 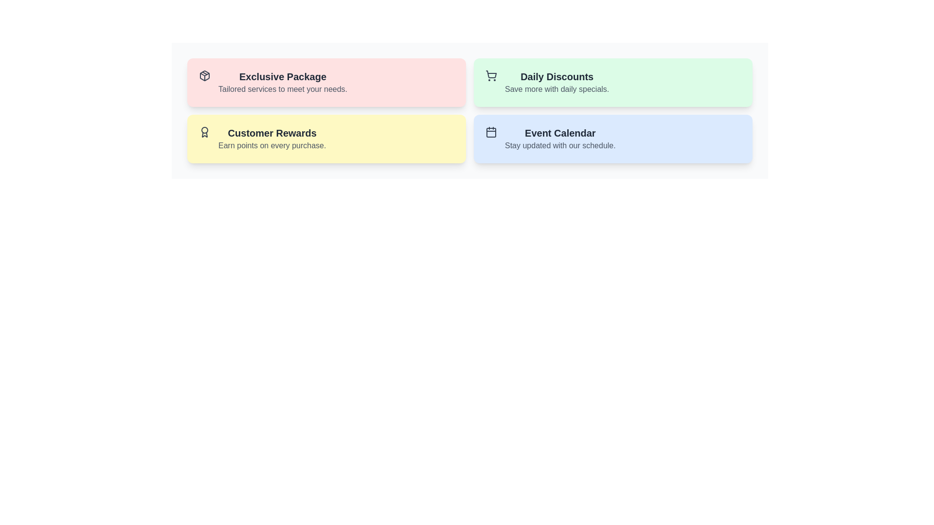 What do you see at coordinates (272, 139) in the screenshot?
I see `the text block that contains 'Customer Rewards' and 'Earn points on every purchase.' positioned on a yellow rounded rectangle card in the second row, first column of the grid layout` at bounding box center [272, 139].